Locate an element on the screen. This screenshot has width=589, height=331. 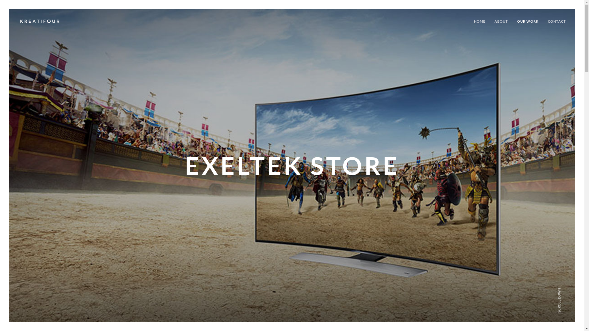
'OUR WORK' is located at coordinates (528, 25).